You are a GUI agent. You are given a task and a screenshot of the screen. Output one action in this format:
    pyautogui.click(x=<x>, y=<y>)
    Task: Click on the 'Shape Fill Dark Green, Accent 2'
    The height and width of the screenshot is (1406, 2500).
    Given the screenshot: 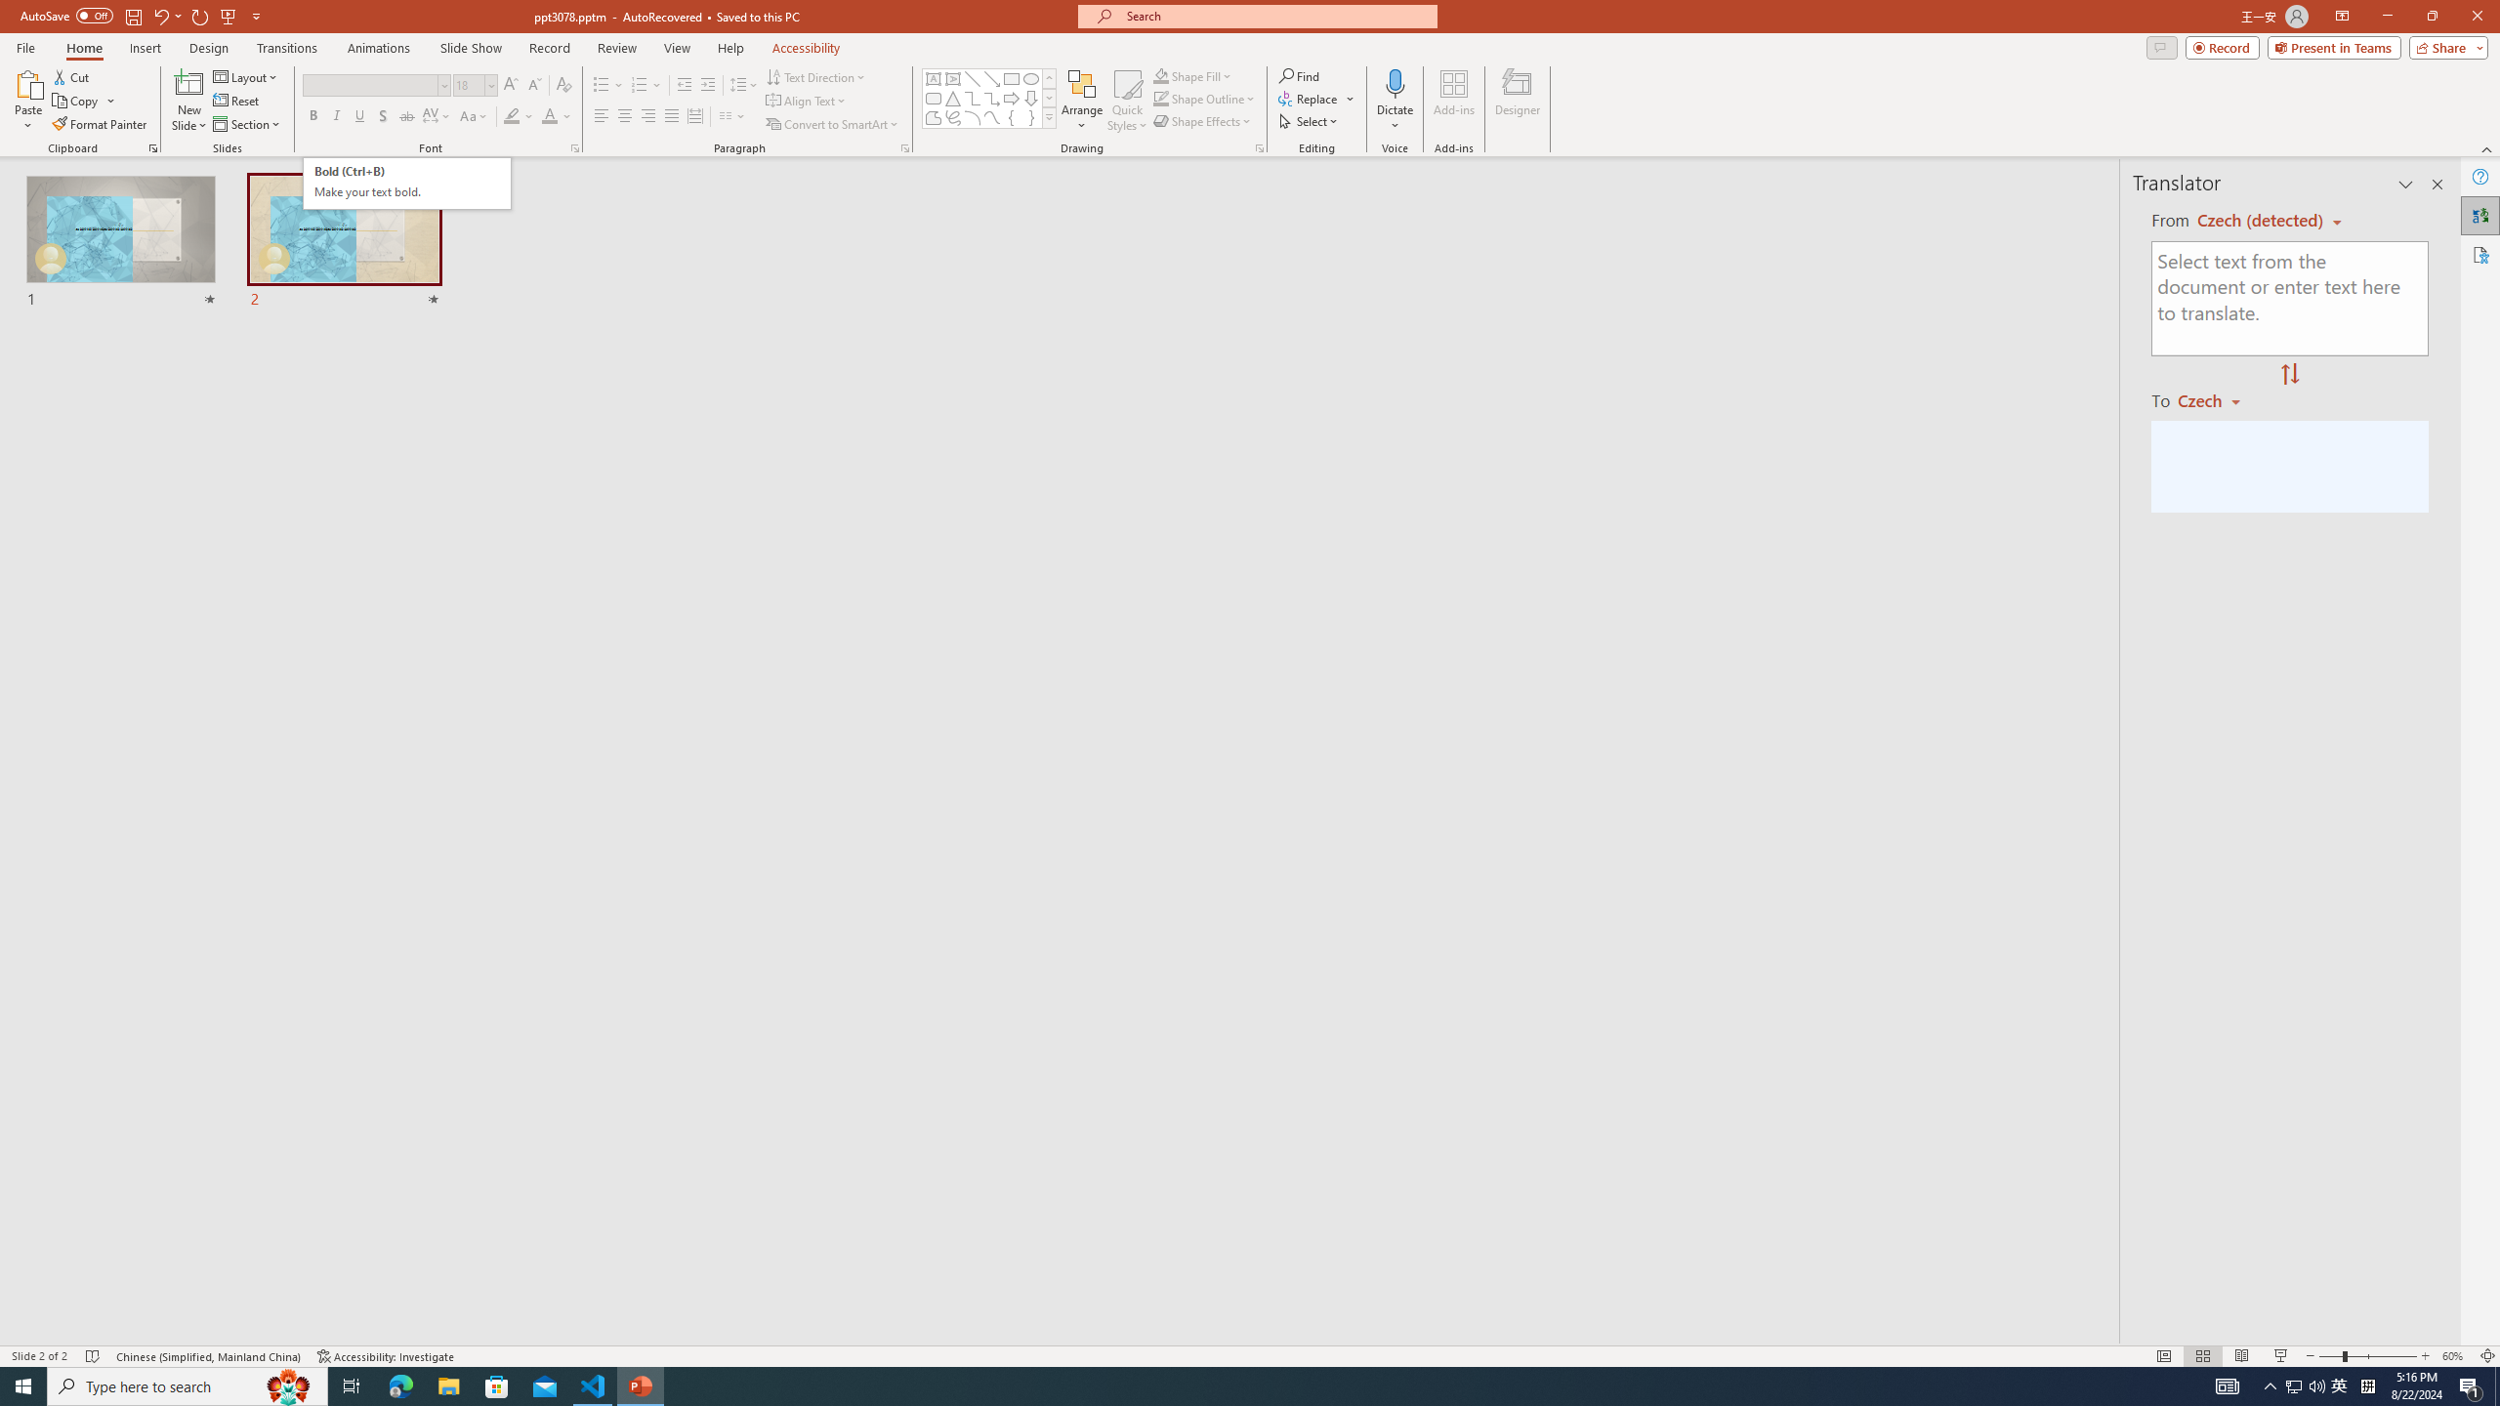 What is the action you would take?
    pyautogui.click(x=1161, y=75)
    